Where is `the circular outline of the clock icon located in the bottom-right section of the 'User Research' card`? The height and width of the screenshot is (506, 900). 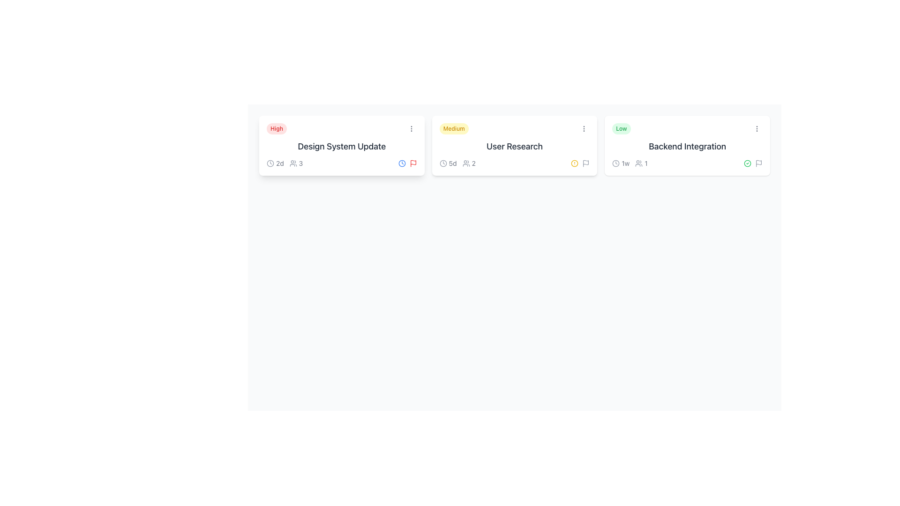
the circular outline of the clock icon located in the bottom-right section of the 'User Research' card is located at coordinates (442, 163).